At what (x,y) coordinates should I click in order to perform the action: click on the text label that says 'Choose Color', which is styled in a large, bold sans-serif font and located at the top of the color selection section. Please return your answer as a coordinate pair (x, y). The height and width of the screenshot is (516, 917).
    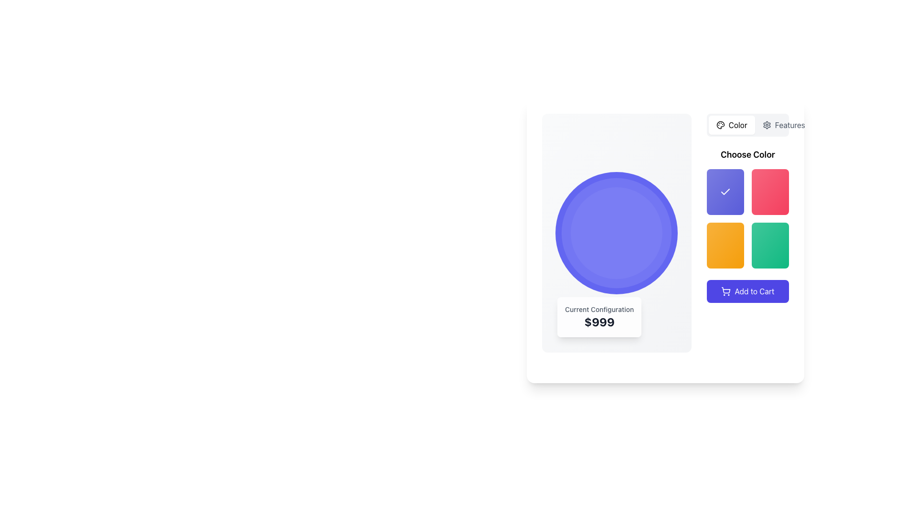
    Looking at the image, I should click on (747, 154).